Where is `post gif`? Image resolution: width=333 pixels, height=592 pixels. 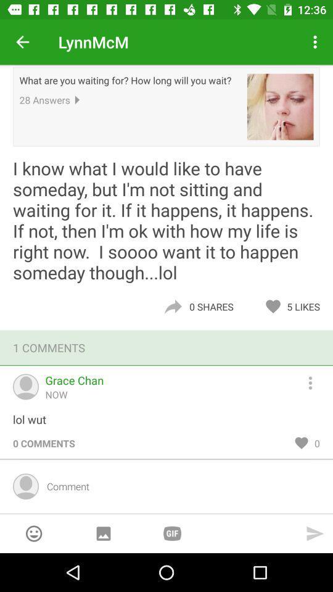 post gif is located at coordinates (171, 533).